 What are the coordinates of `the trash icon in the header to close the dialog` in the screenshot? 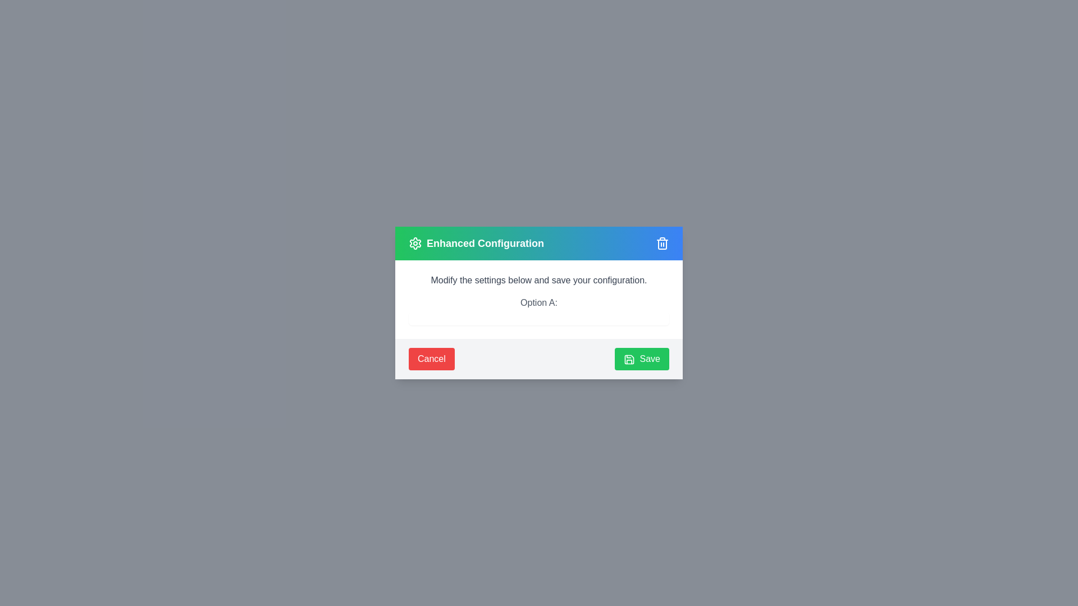 It's located at (663, 243).